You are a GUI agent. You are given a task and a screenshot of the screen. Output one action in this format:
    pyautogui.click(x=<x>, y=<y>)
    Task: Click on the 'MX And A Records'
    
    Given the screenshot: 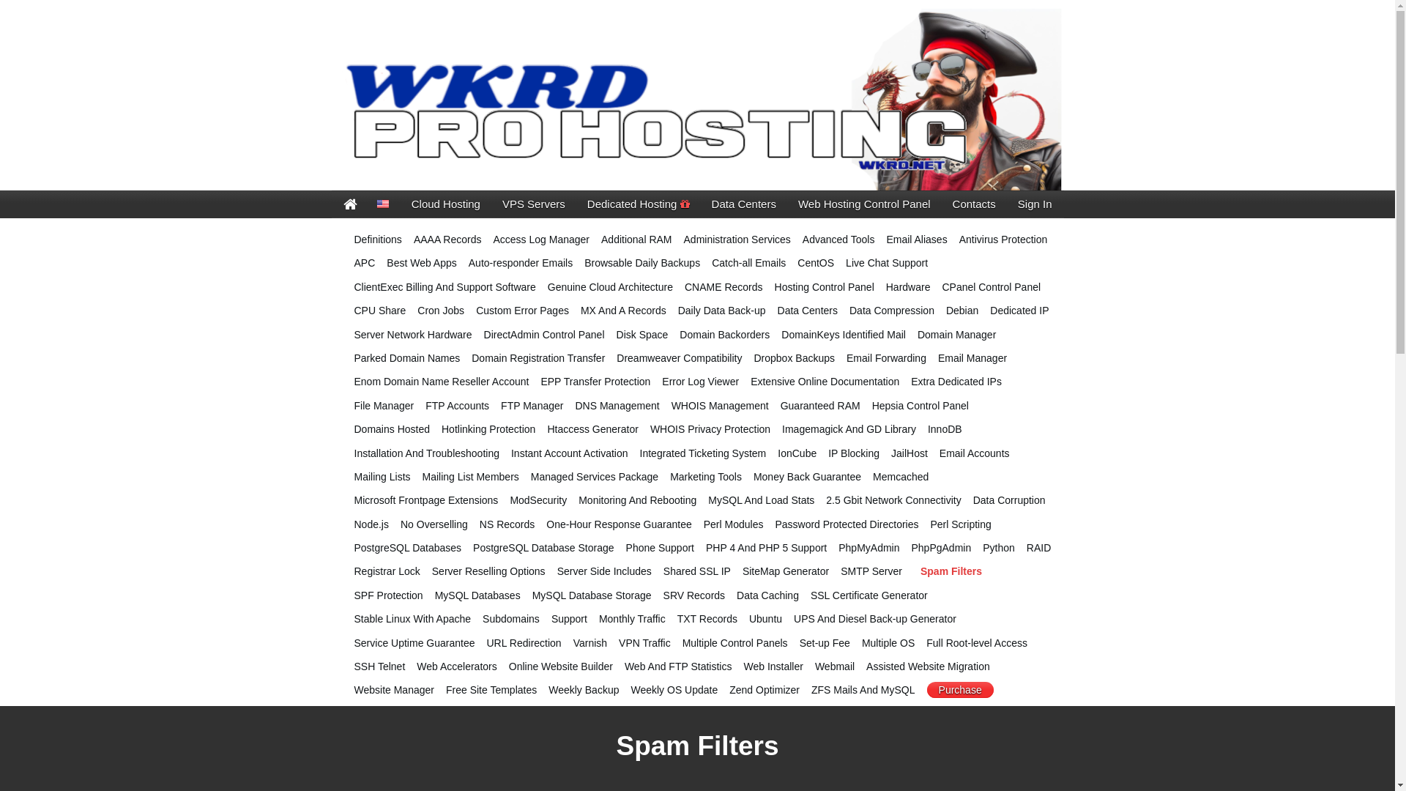 What is the action you would take?
    pyautogui.click(x=623, y=310)
    